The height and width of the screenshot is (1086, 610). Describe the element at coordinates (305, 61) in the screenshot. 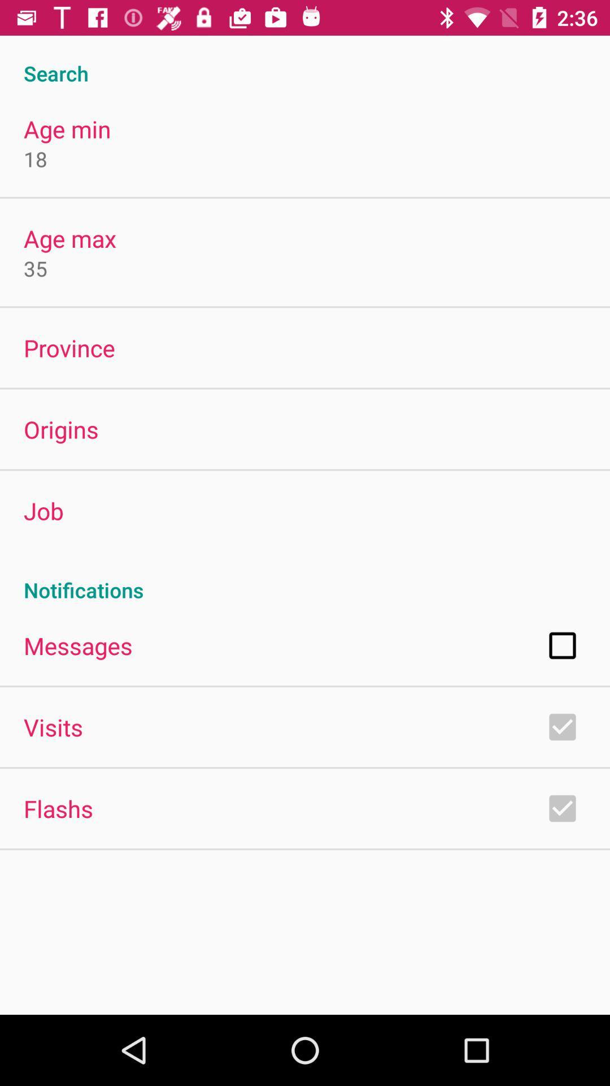

I see `the search app` at that location.